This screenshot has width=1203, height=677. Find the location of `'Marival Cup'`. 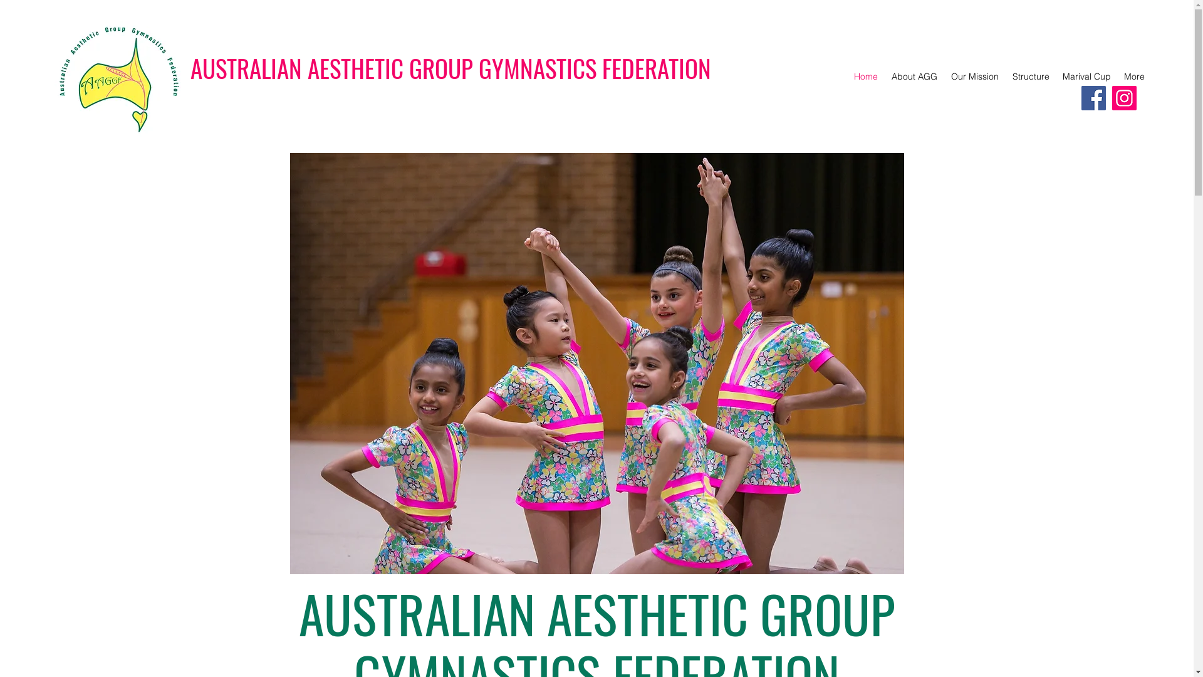

'Marival Cup' is located at coordinates (1055, 76).